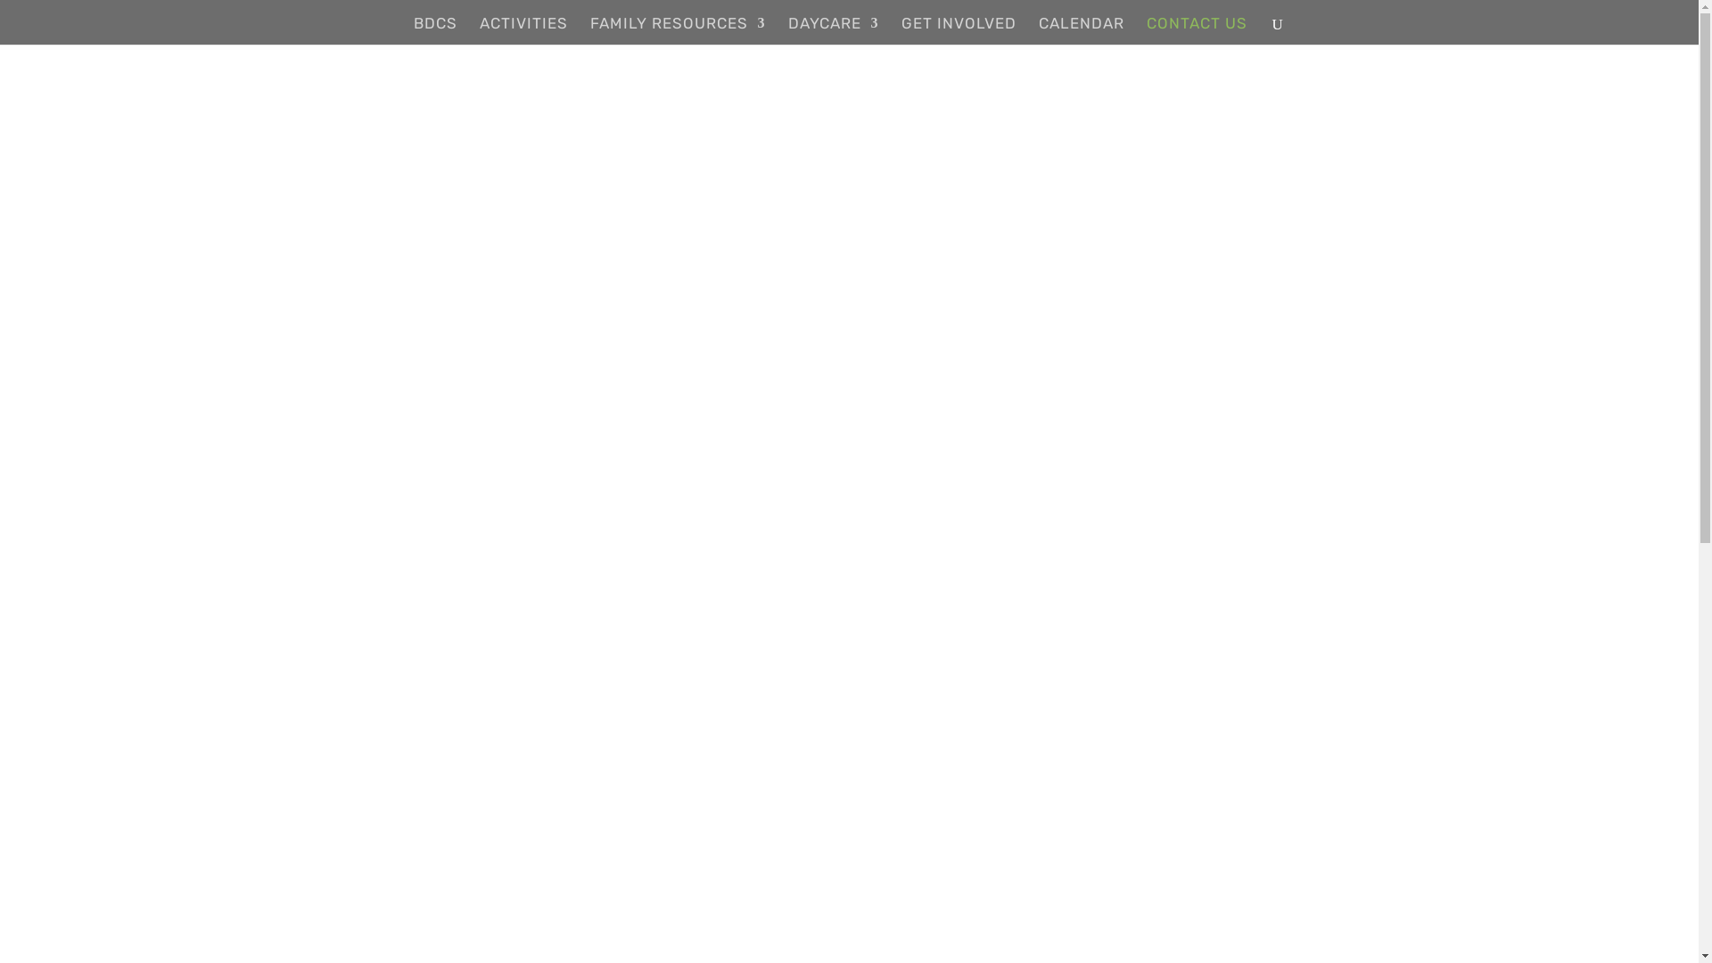 The width and height of the screenshot is (1712, 963). Describe the element at coordinates (677, 30) in the screenshot. I see `'FAMILY RESOURCES'` at that location.